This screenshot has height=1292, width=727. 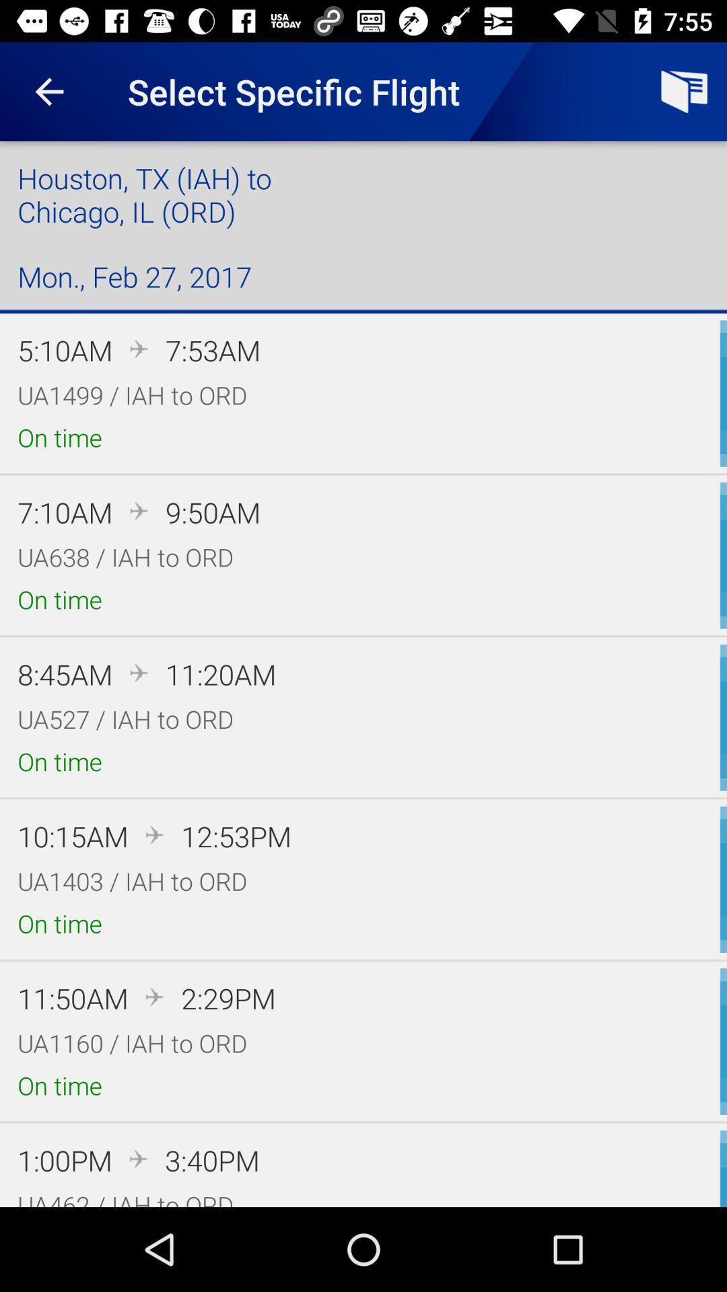 I want to click on 3:40pm, so click(x=212, y=1159).